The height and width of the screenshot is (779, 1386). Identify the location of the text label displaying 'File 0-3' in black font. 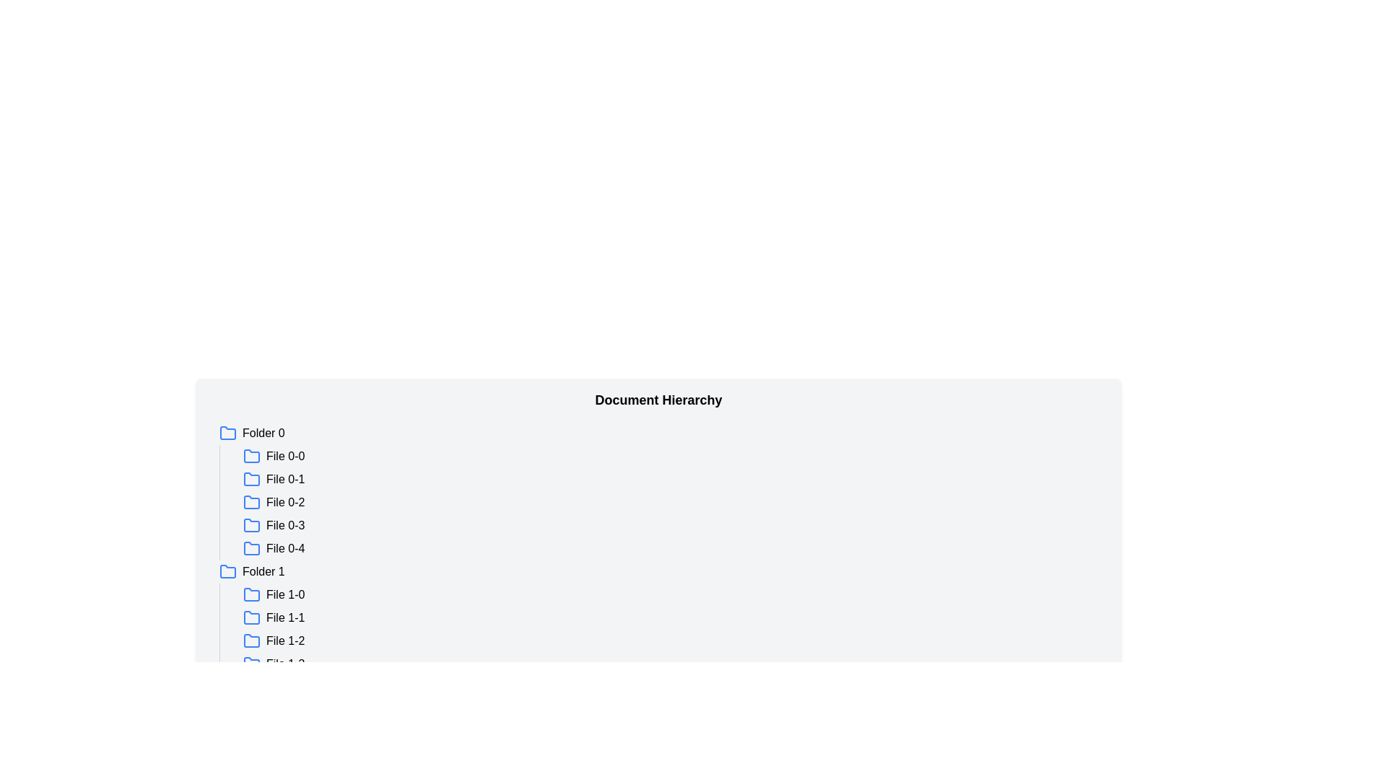
(285, 526).